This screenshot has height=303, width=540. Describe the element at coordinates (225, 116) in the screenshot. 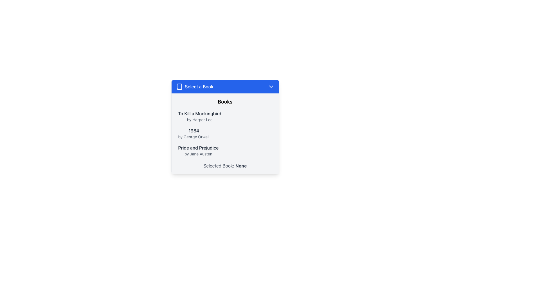

I see `the first List Item displaying the title 'To Kill a Mockingbird' and subtitle 'by Harper Lee'` at that location.